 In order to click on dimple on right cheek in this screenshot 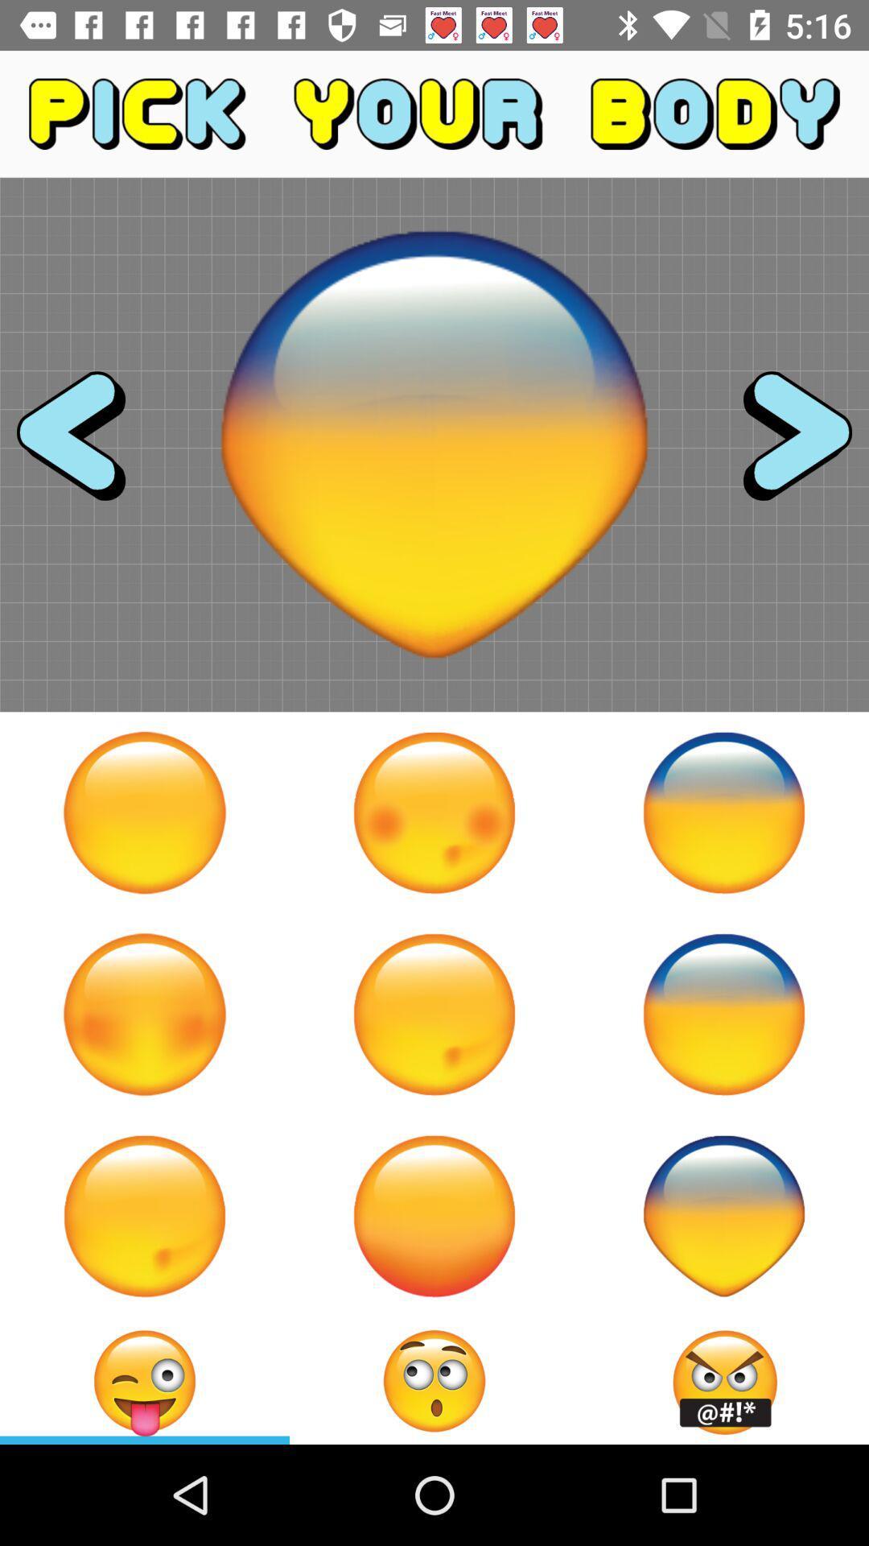, I will do `click(145, 1216)`.